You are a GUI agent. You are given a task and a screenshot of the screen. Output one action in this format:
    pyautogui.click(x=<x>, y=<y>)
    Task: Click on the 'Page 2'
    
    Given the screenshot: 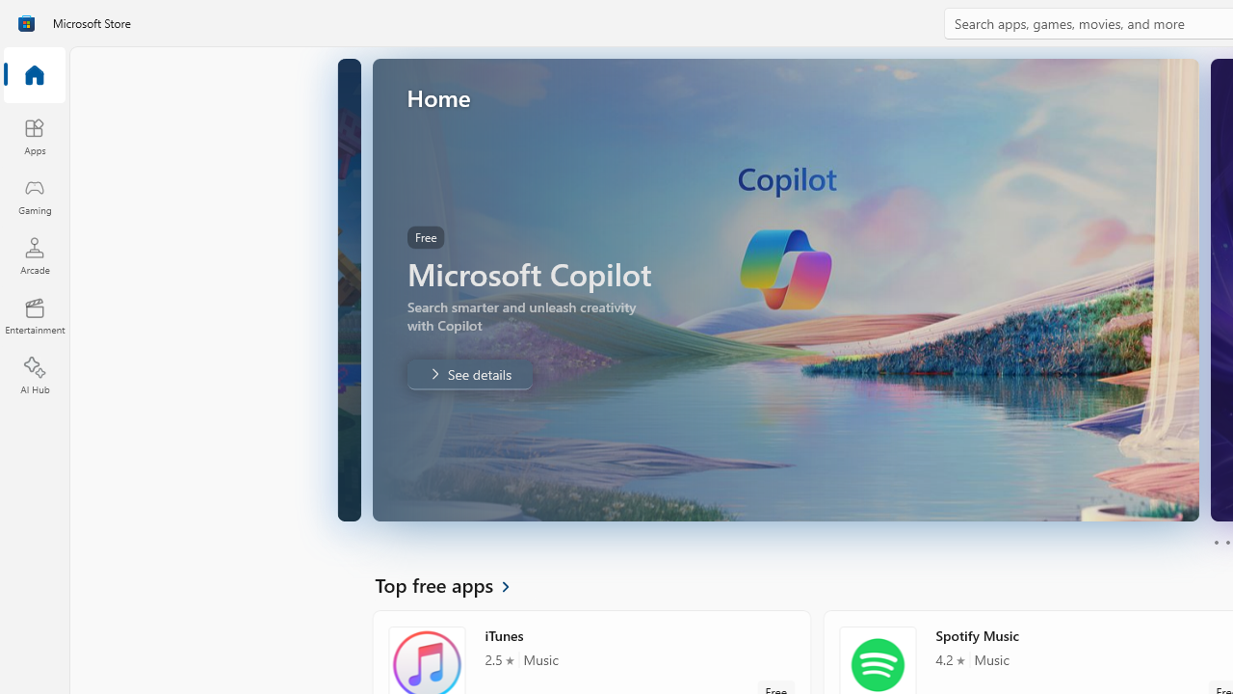 What is the action you would take?
    pyautogui.click(x=1226, y=543)
    